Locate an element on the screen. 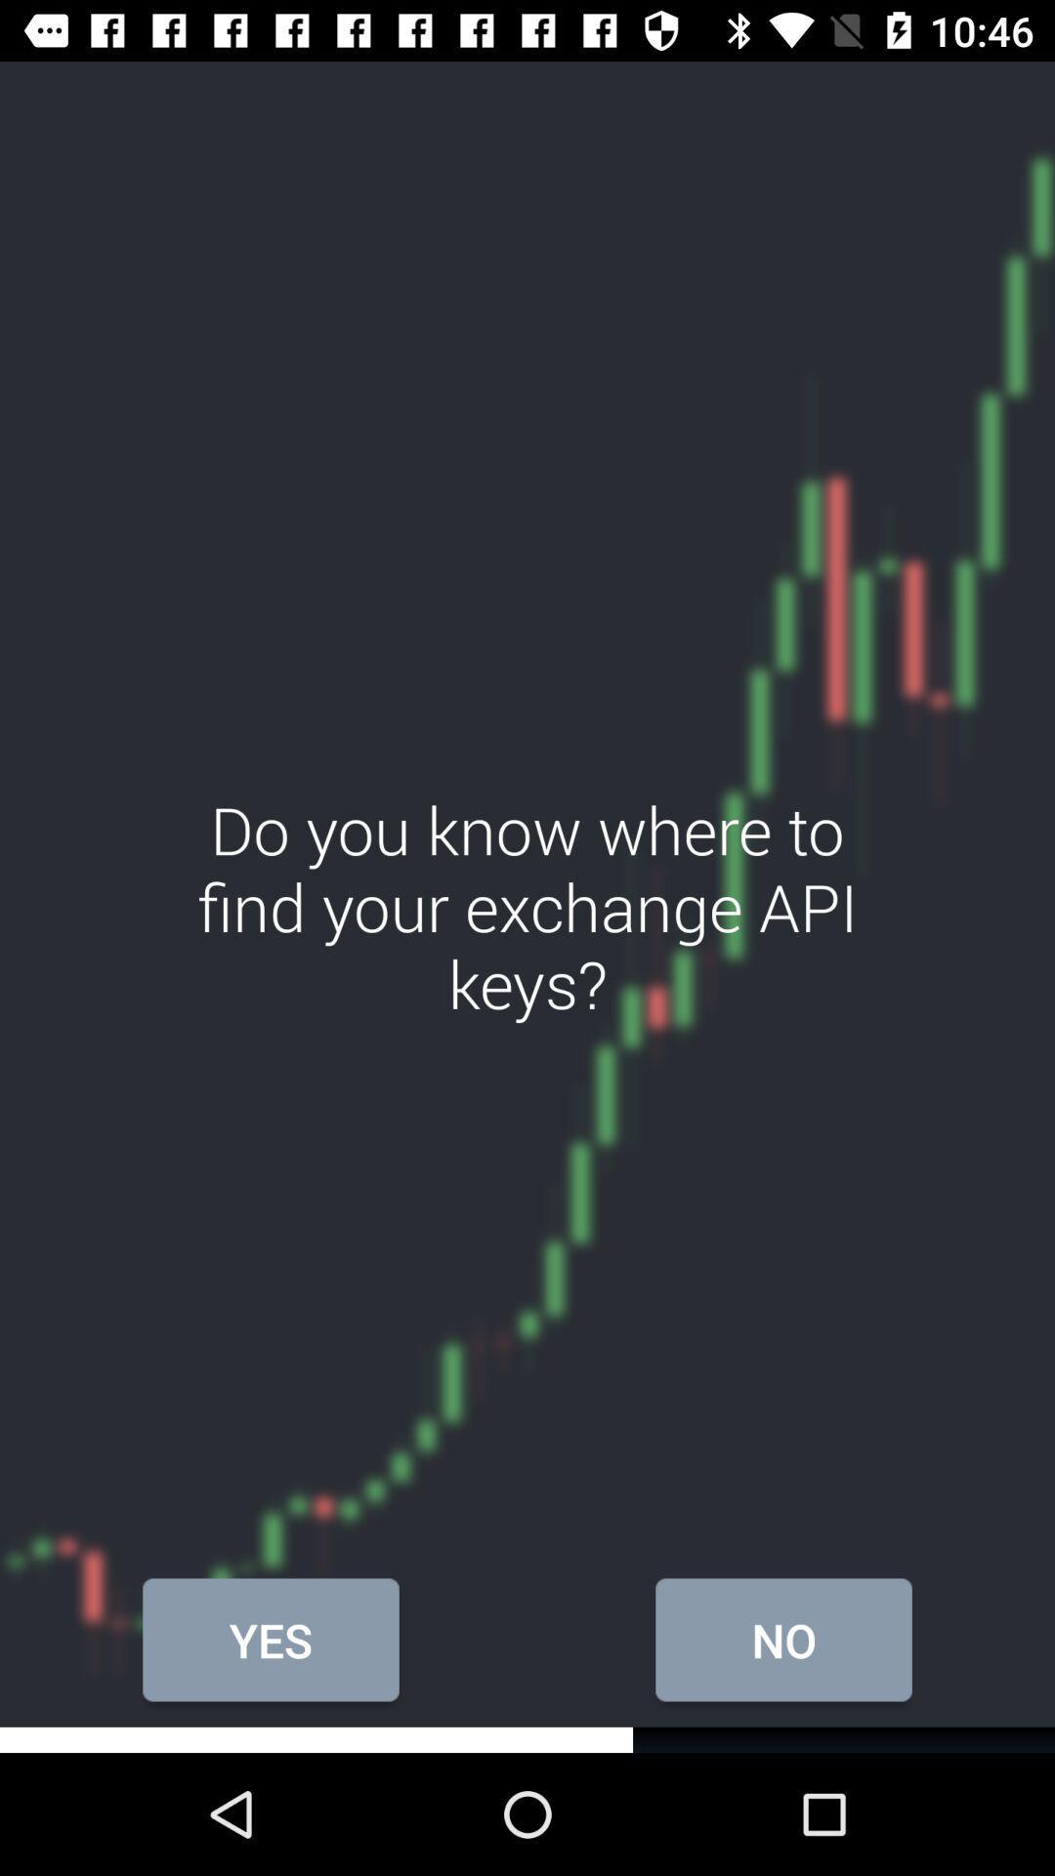  the icon to the right of the yes item is located at coordinates (782, 1640).